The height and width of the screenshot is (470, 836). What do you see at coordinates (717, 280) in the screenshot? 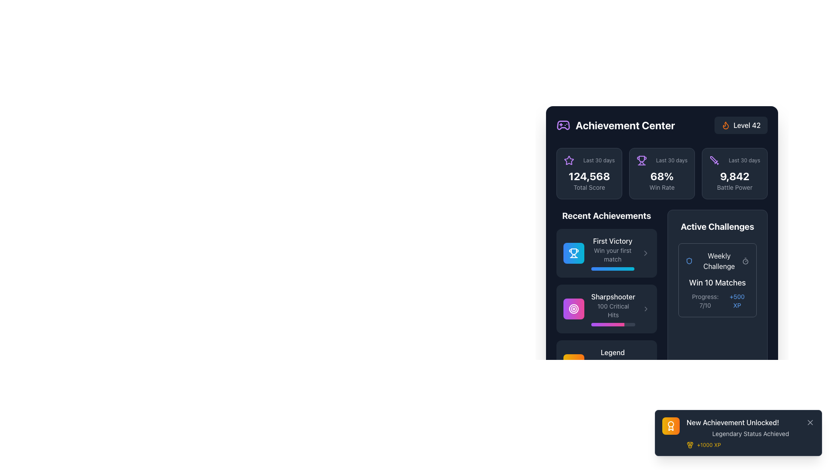
I see `the weekly challenge card displaying 'Win 10 Matches'` at bounding box center [717, 280].